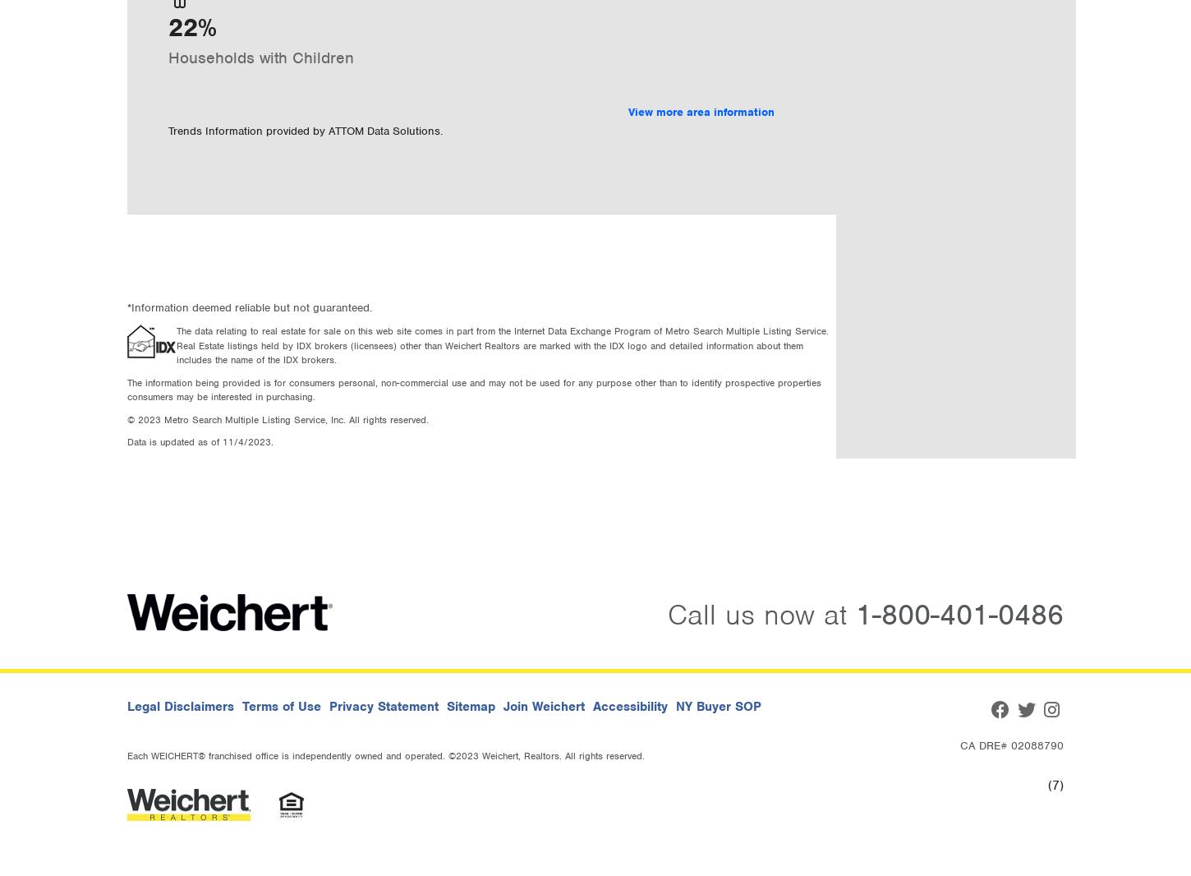 Image resolution: width=1191 pixels, height=876 pixels. Describe the element at coordinates (200, 441) in the screenshot. I see `'Data is updated as of 11/4/2023.'` at that location.